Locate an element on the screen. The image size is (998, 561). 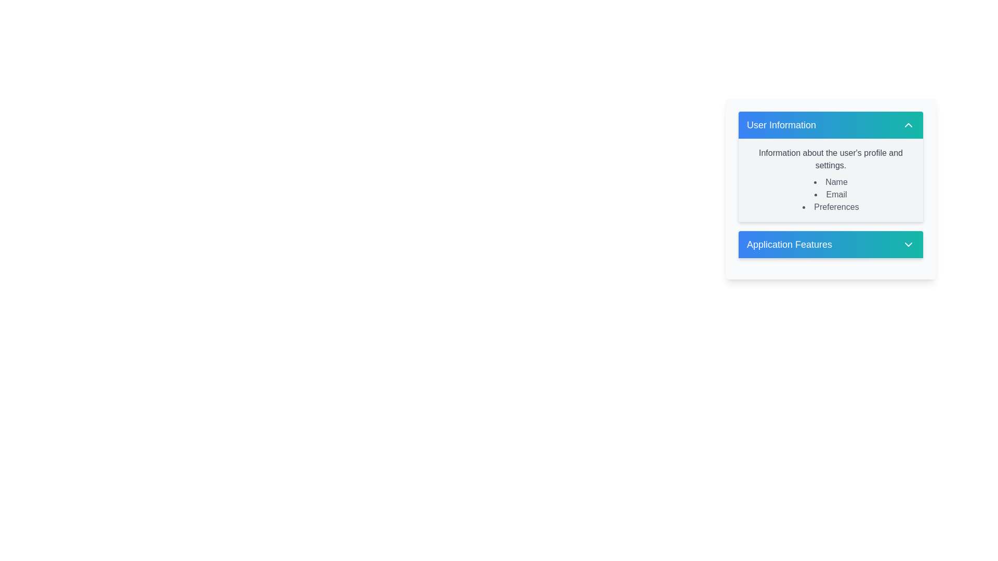
the text block that states 'Information about the user's profile and settings.' which is displayed in gray font color within a light gray background in the 'User Information' section is located at coordinates (830, 159).